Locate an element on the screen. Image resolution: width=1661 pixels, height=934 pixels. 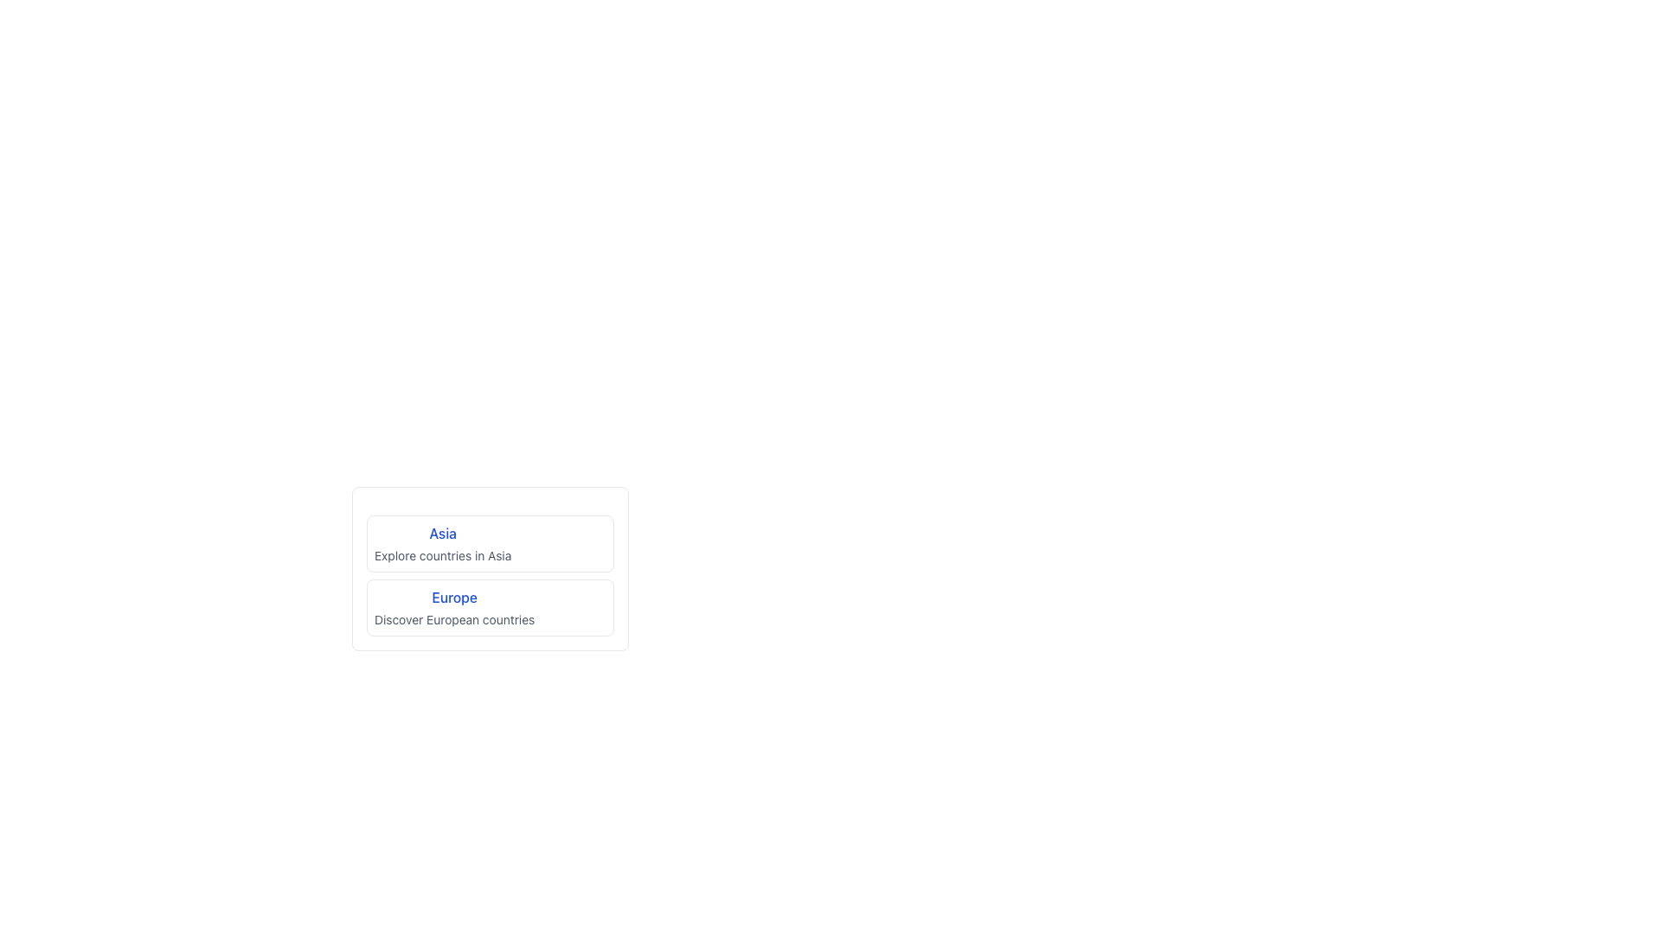
text label providing descriptive information about the 'Europe' section, which is positioned directly beneath the 'Europe' label and aligned to the left in the lower right section of the interface is located at coordinates (454, 619).